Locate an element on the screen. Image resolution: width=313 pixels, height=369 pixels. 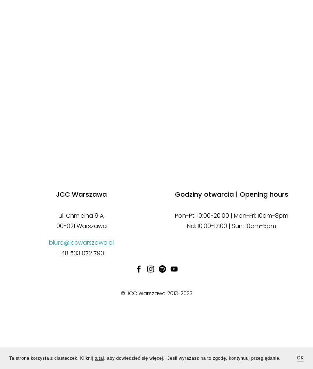
'00-021 Warszawa' is located at coordinates (81, 225).